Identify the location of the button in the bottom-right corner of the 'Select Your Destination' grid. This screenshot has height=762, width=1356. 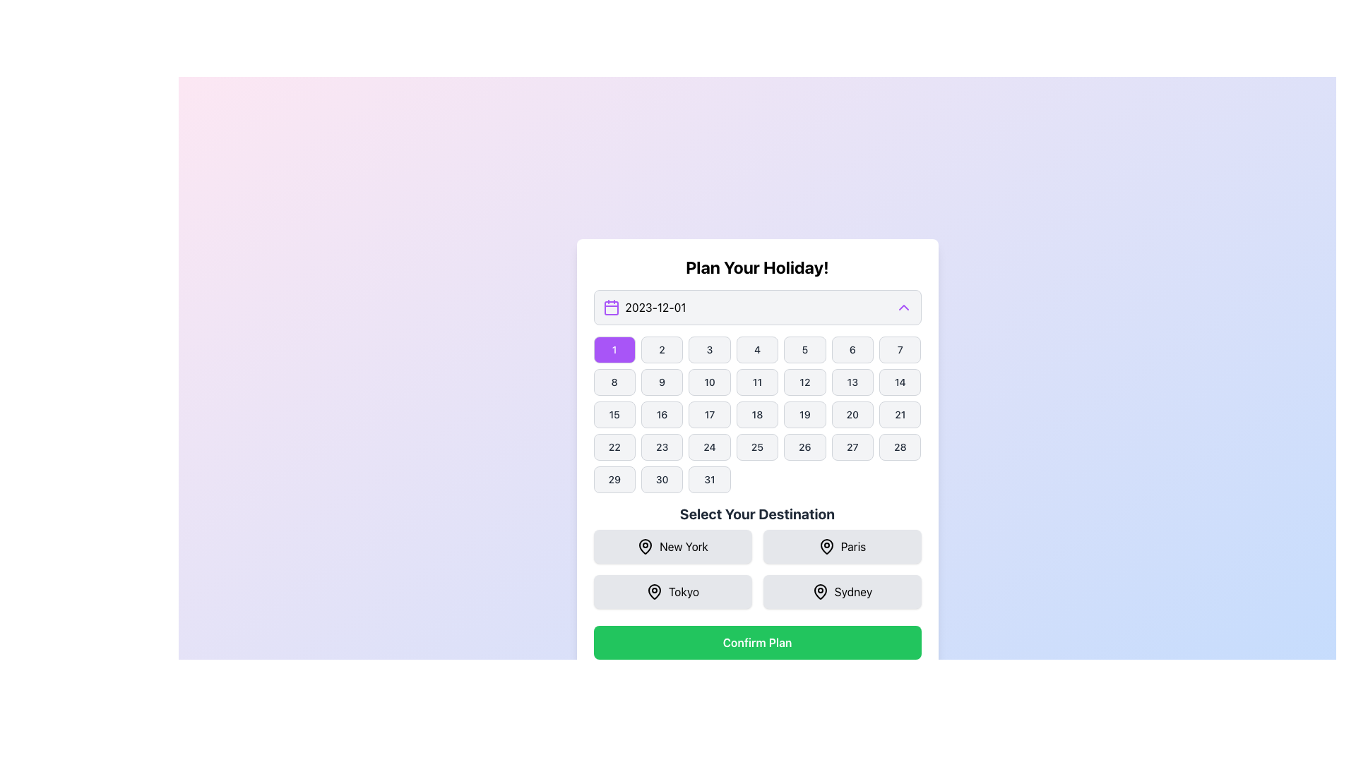
(842, 592).